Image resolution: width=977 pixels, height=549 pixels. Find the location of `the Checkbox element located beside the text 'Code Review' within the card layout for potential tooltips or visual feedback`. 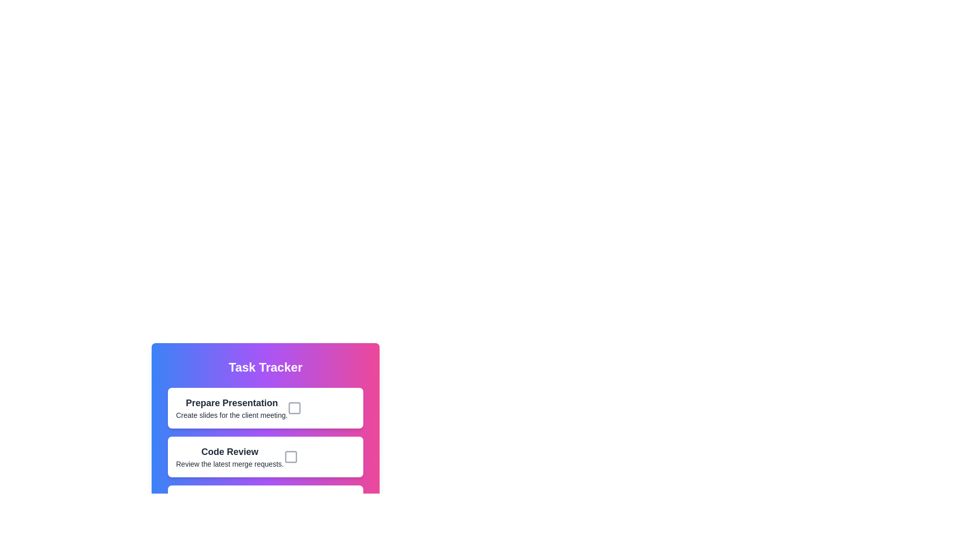

the Checkbox element located beside the text 'Code Review' within the card layout for potential tooltips or visual feedback is located at coordinates (290, 456).